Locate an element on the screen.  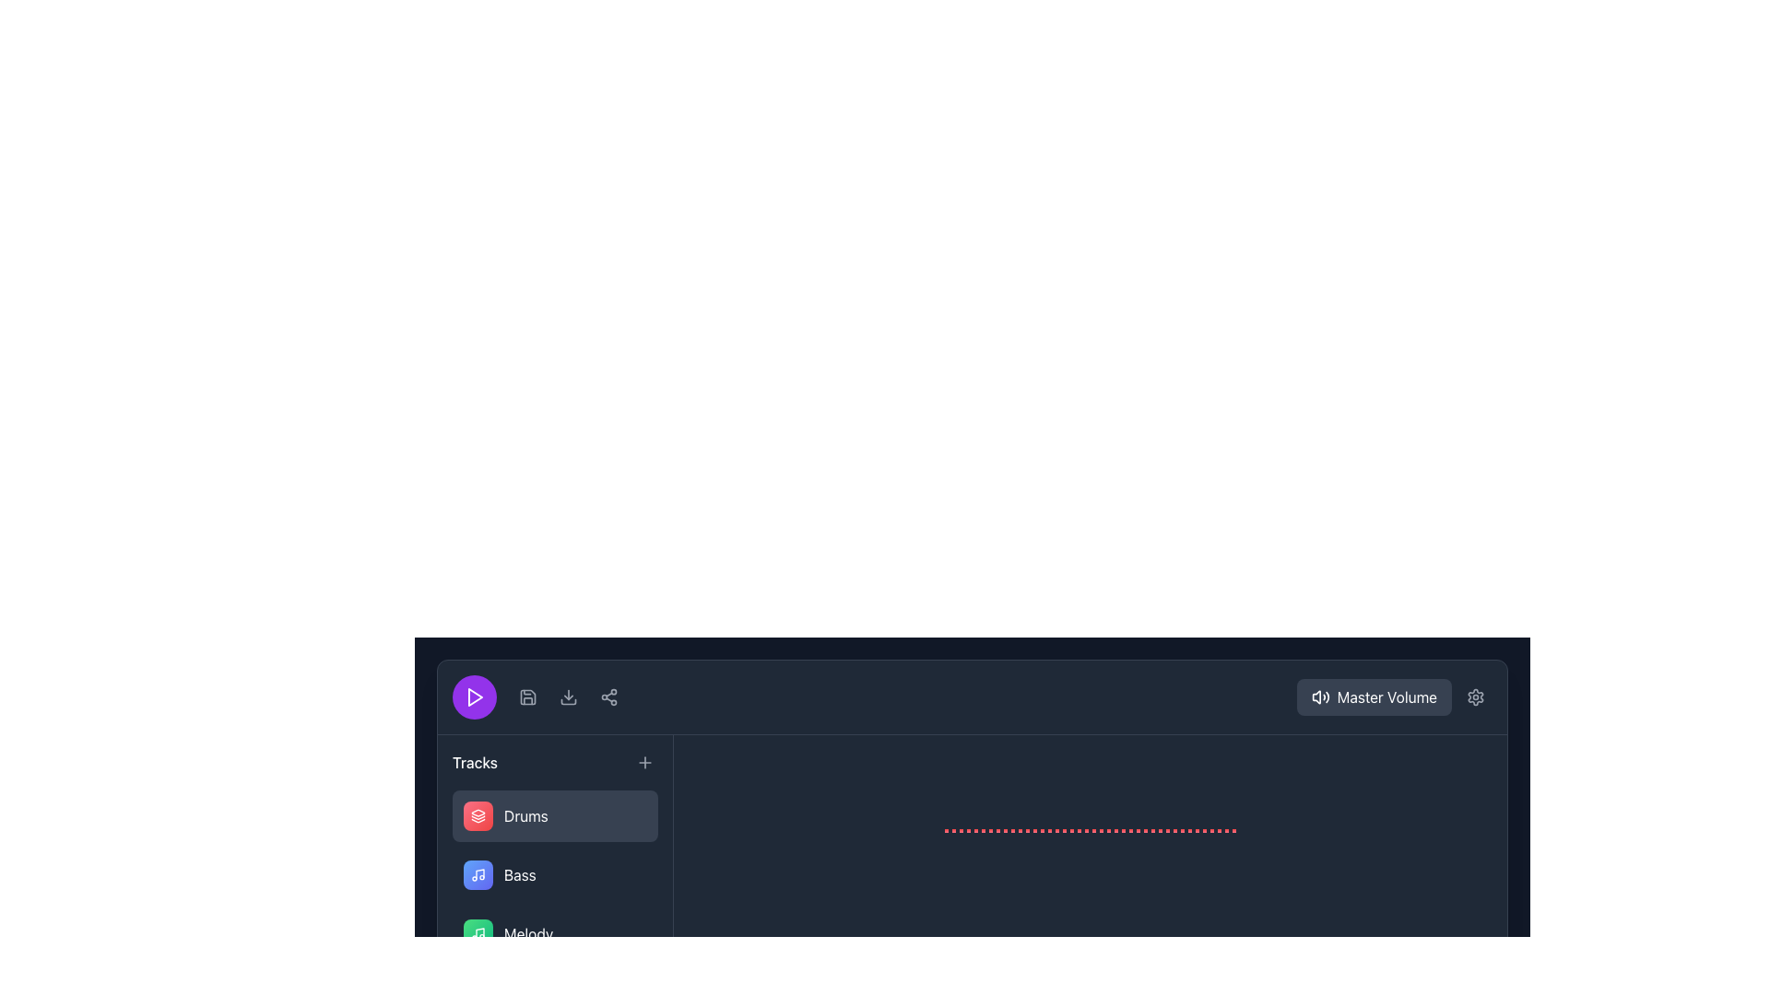
the small square-shaped button with rounded corners located at the far-right end of the 'Bass' track row is located at coordinates (636, 873).